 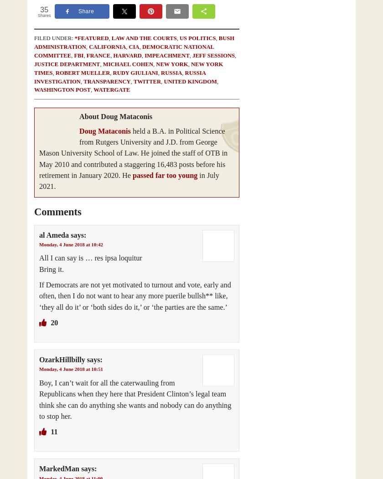 What do you see at coordinates (79, 116) in the screenshot?
I see `'About Doug Mataconis'` at bounding box center [79, 116].